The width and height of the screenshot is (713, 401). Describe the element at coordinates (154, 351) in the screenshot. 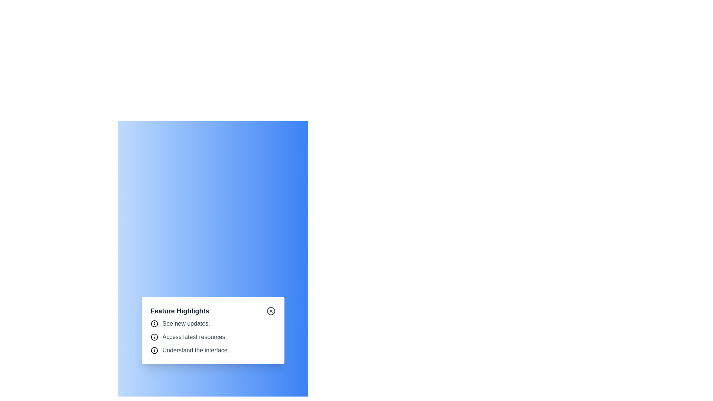

I see `the third circular icon in the lower left portion of the floating information card under the 'Understand the interface' text, which serves as a visual indicator` at that location.